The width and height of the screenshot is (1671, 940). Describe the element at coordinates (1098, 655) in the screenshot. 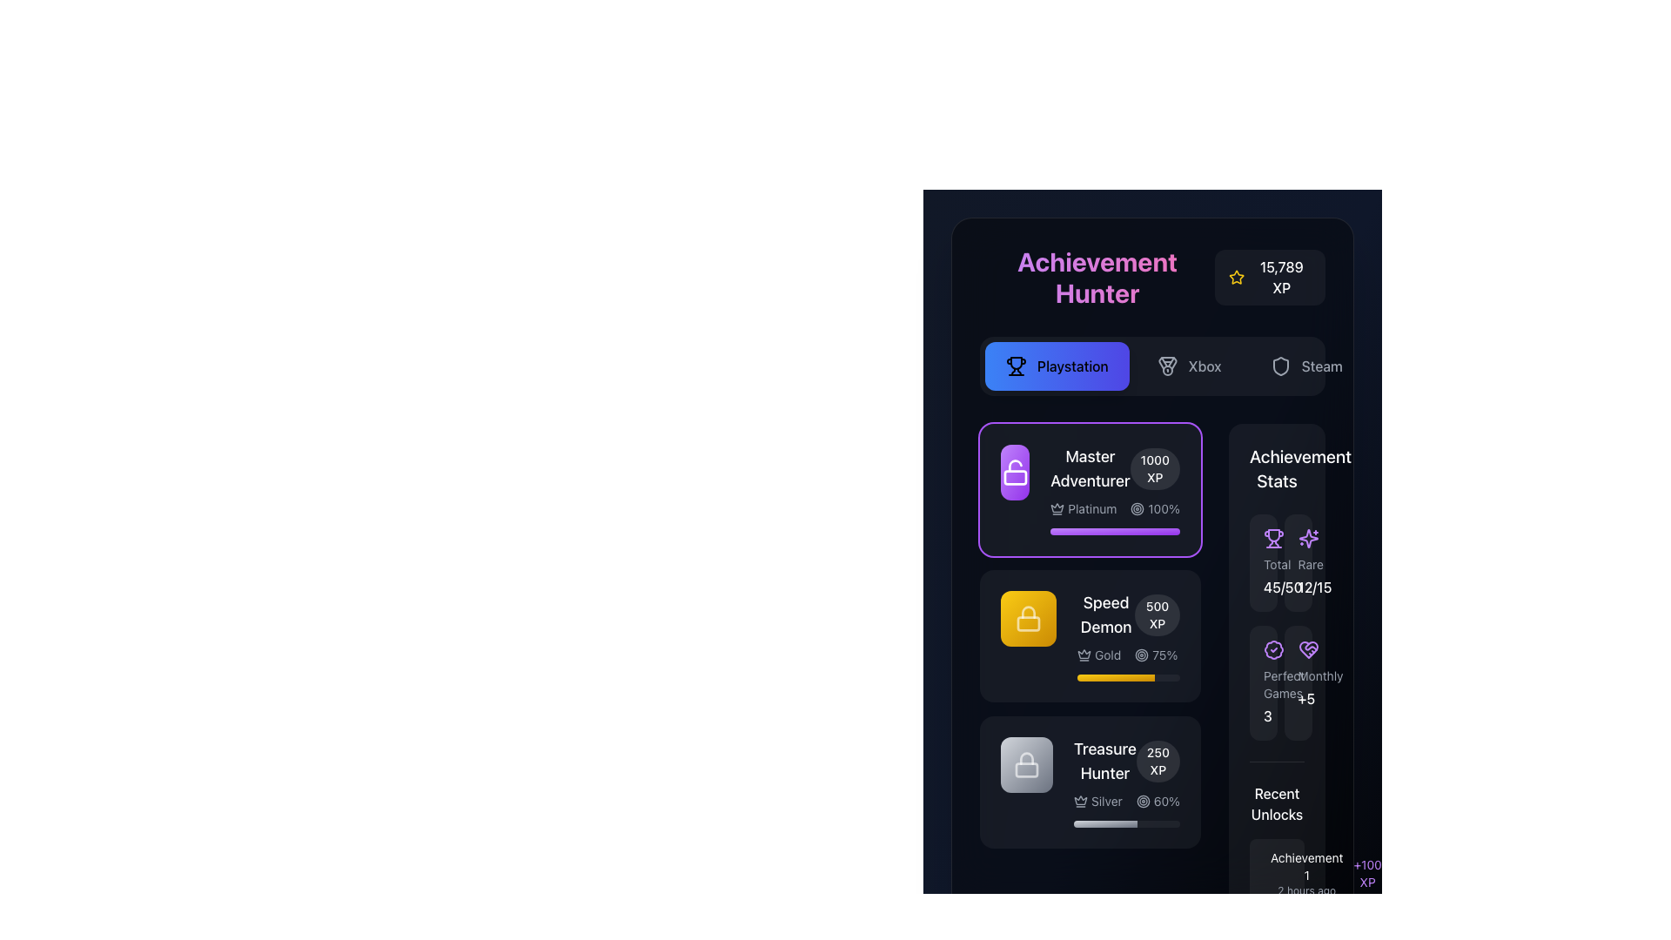

I see `the 'Gold' achievement label with an icon, which is located immediately to the left of the '75%' text within the 'Speed Demon' card` at that location.